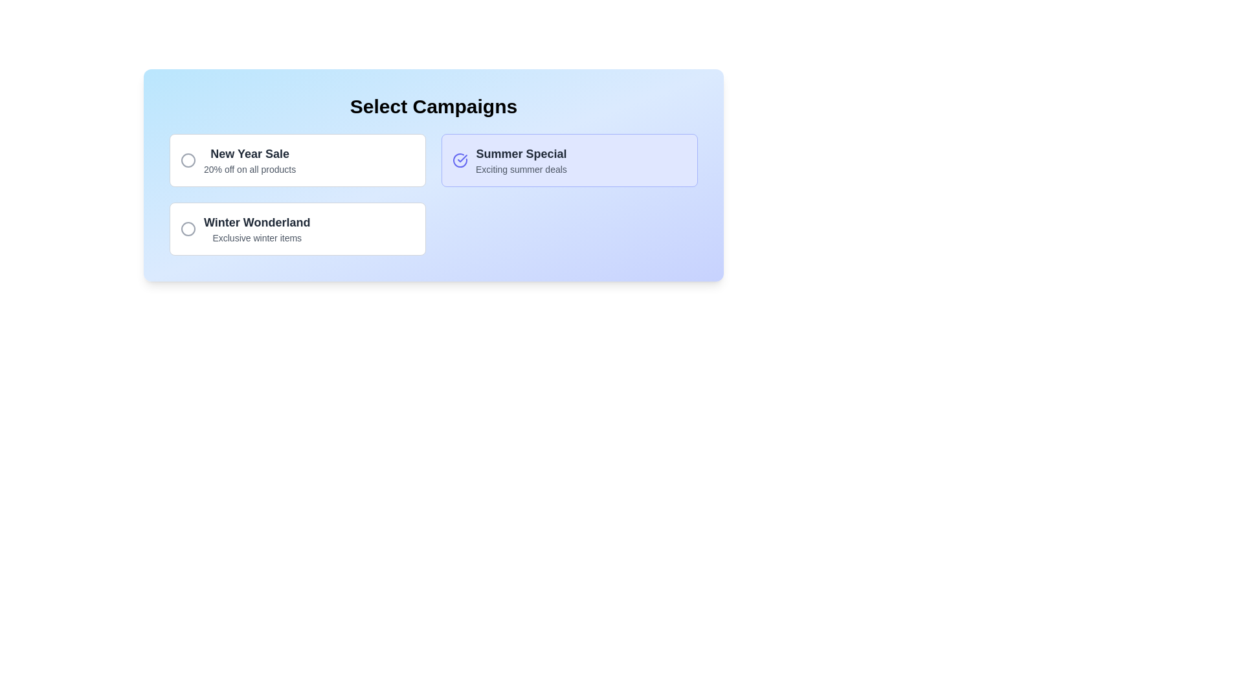  What do you see at coordinates (188, 228) in the screenshot?
I see `the small circular SVG element, which is the central feature of its containing icon located to the left of the text 'Winter Wonderland'` at bounding box center [188, 228].